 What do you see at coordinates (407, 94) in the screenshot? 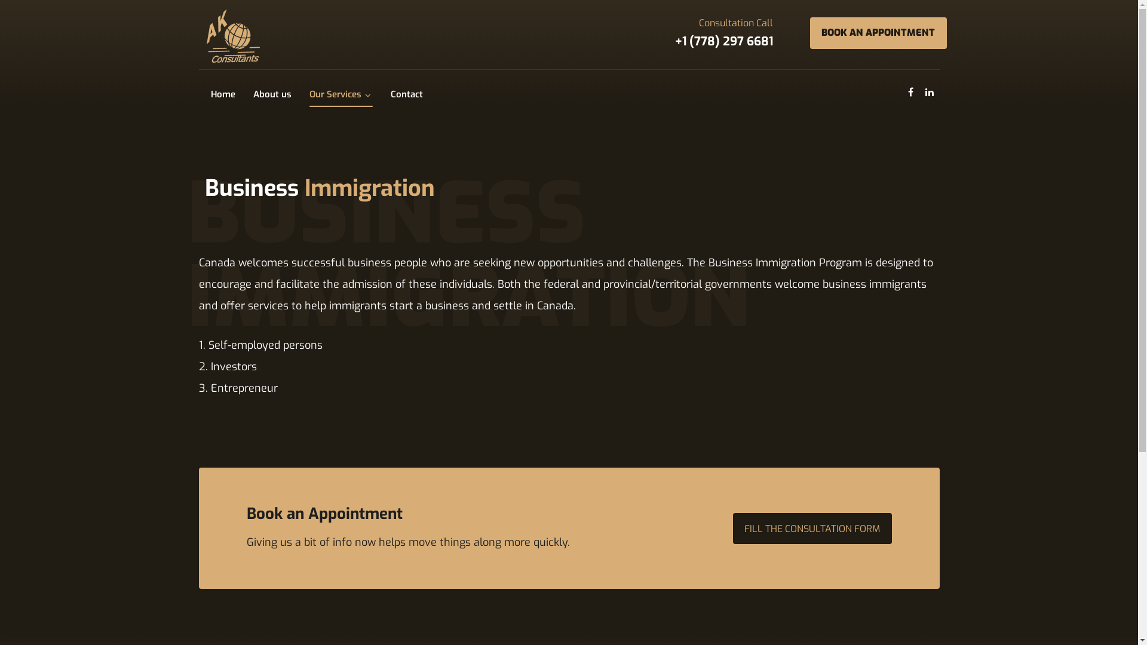
I see `'Contact'` at bounding box center [407, 94].